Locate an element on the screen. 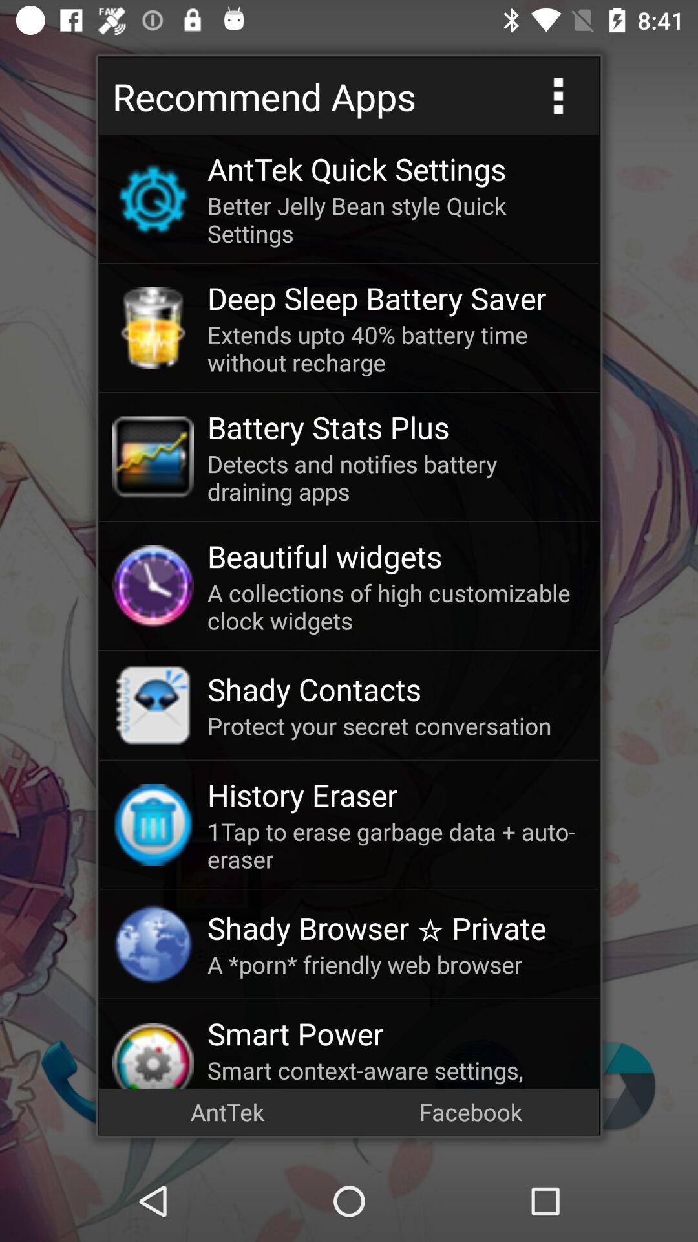 Image resolution: width=698 pixels, height=1242 pixels. a porn friendly icon is located at coordinates (396, 964).